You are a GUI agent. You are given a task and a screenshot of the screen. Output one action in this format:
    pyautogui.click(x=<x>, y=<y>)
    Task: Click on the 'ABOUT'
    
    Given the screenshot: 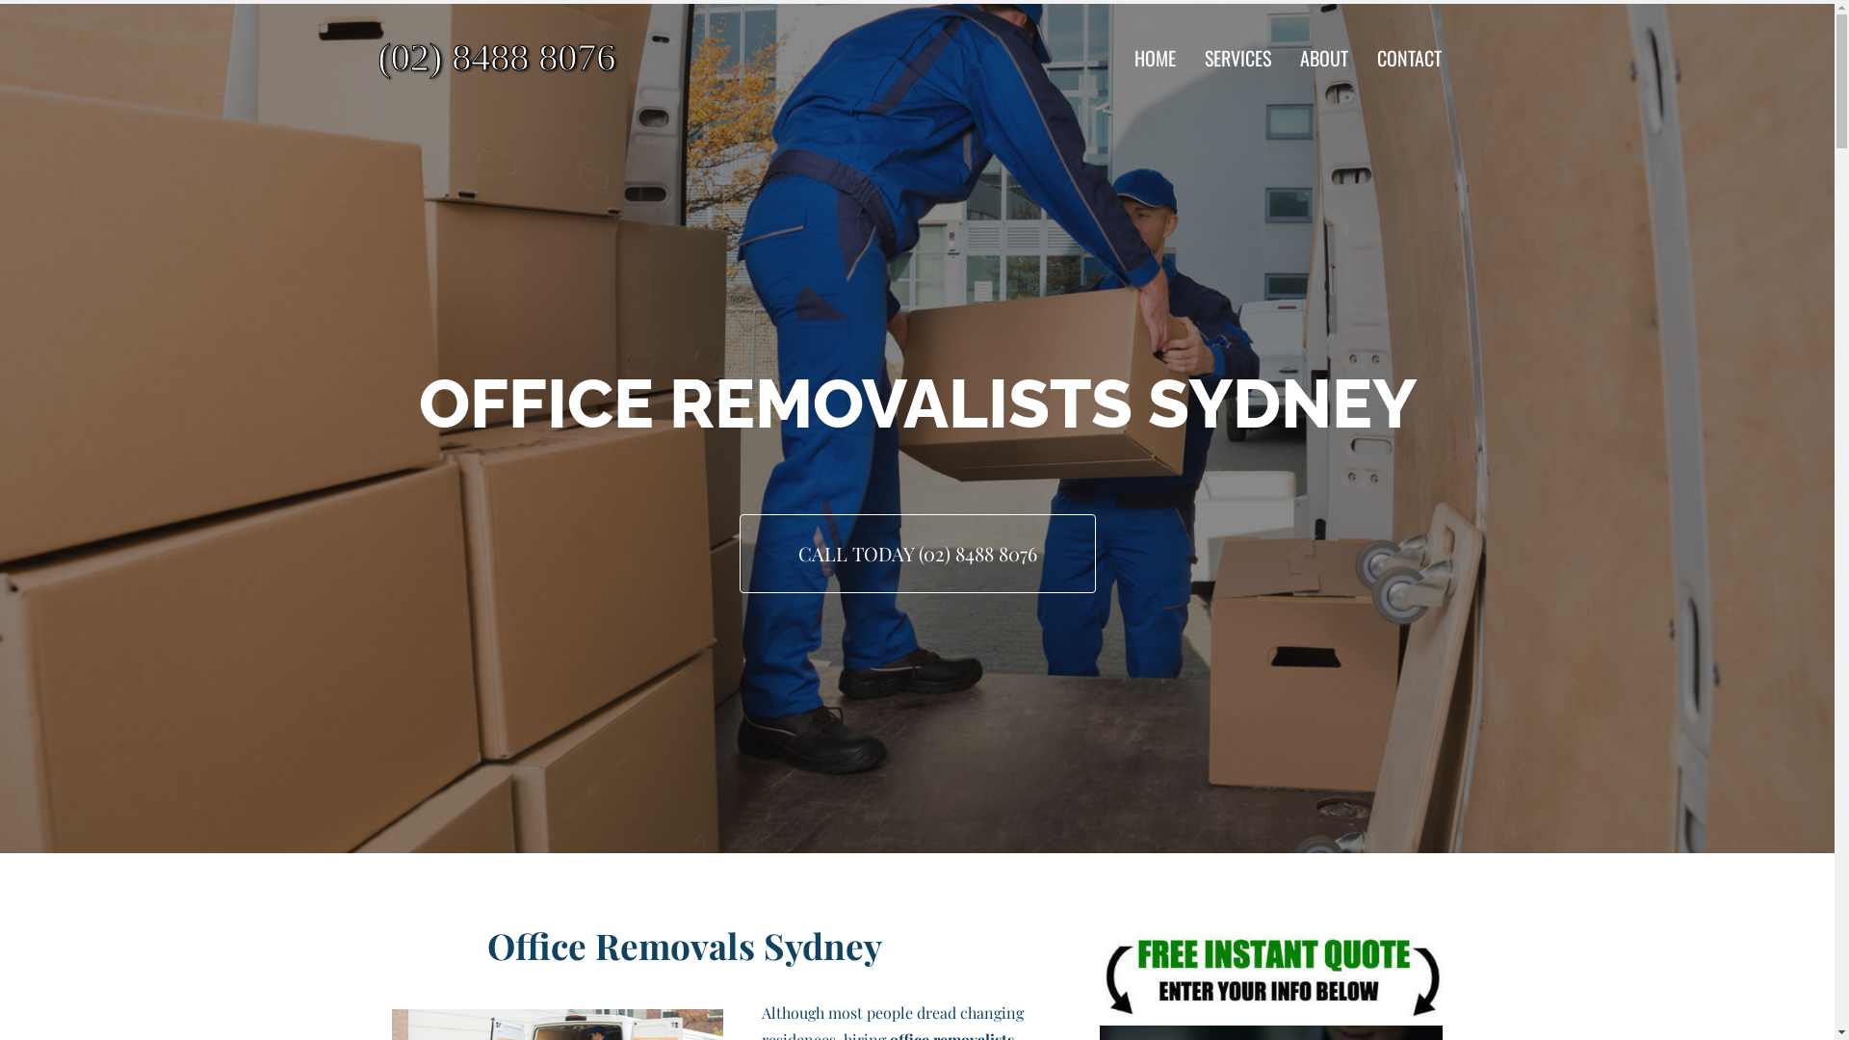 What is the action you would take?
    pyautogui.click(x=1322, y=57)
    